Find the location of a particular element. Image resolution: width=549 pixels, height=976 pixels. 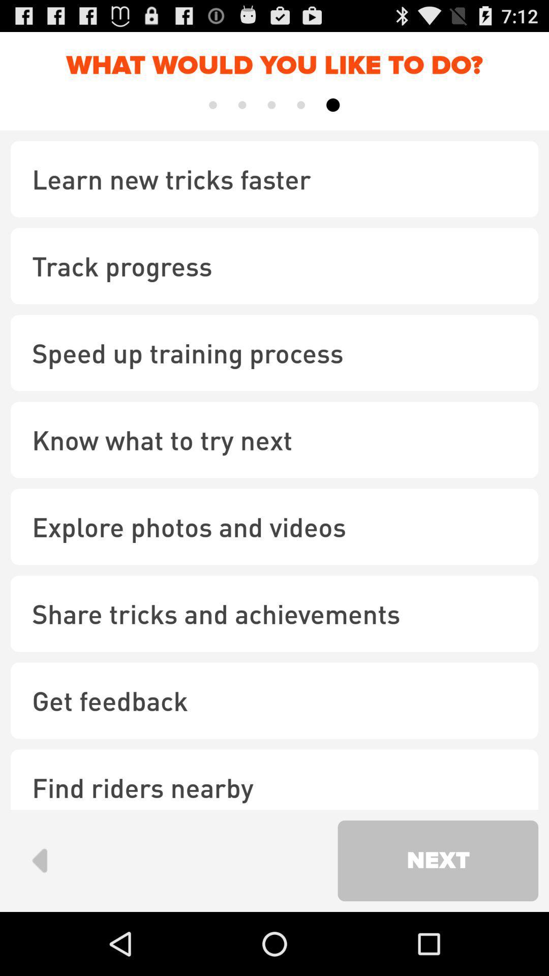

track progress icon is located at coordinates (274, 266).